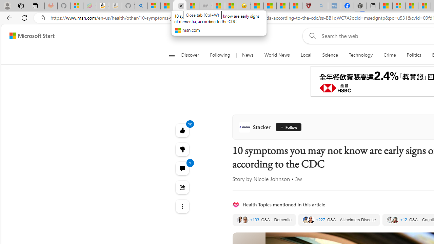  Describe the element at coordinates (256, 127) in the screenshot. I see `'Stacker'` at that location.